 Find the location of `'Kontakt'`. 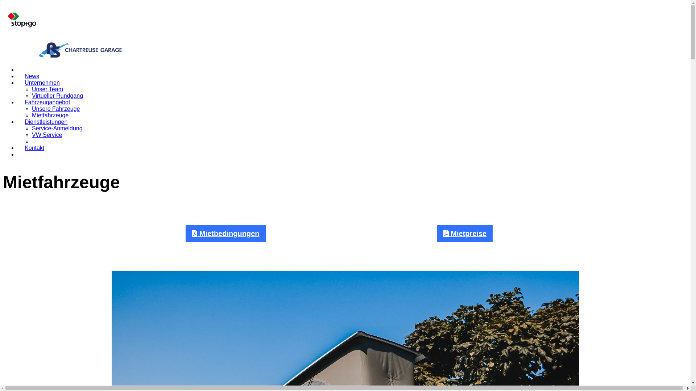

'Kontakt' is located at coordinates (34, 147).